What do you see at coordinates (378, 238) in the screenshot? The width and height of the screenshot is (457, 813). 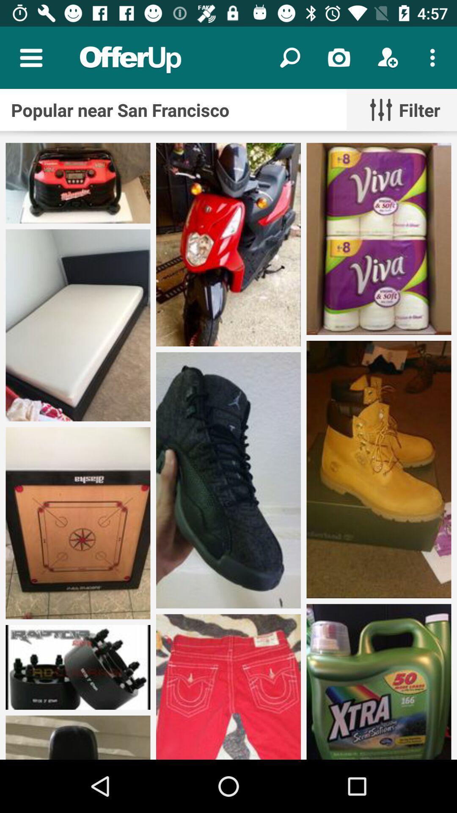 I see `the third image` at bounding box center [378, 238].